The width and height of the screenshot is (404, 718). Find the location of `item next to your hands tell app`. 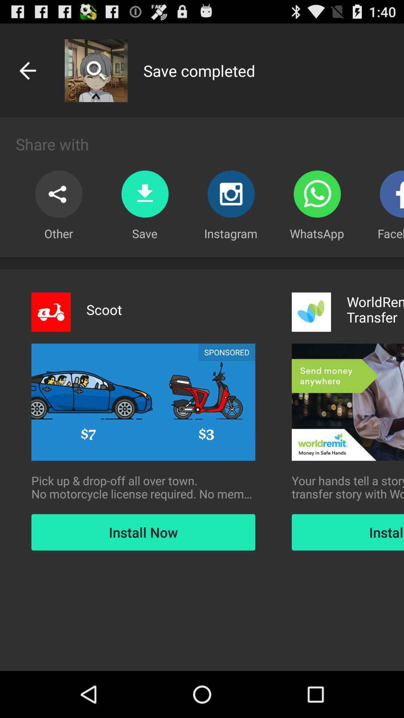

item next to your hands tell app is located at coordinates (143, 487).